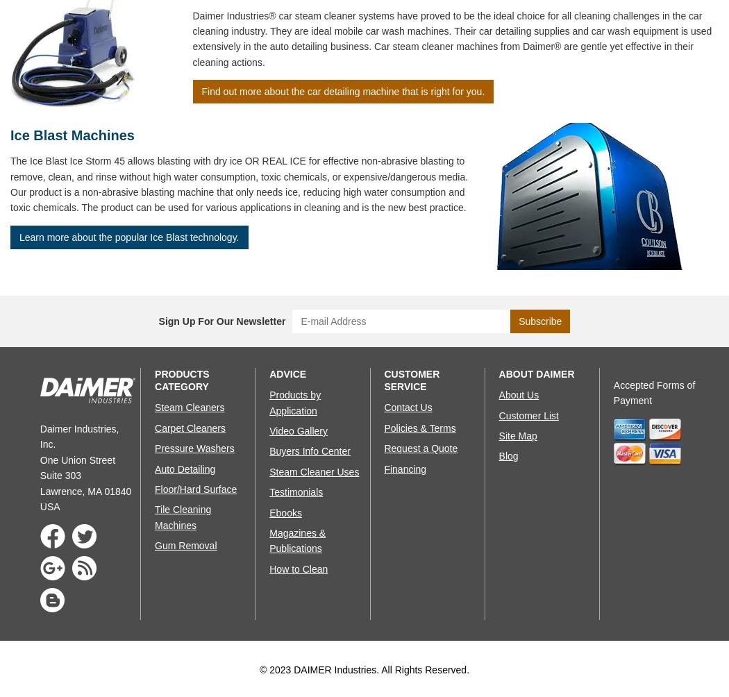  What do you see at coordinates (342, 91) in the screenshot?
I see `'Find out more about the car detailing machine that is right for you.'` at bounding box center [342, 91].